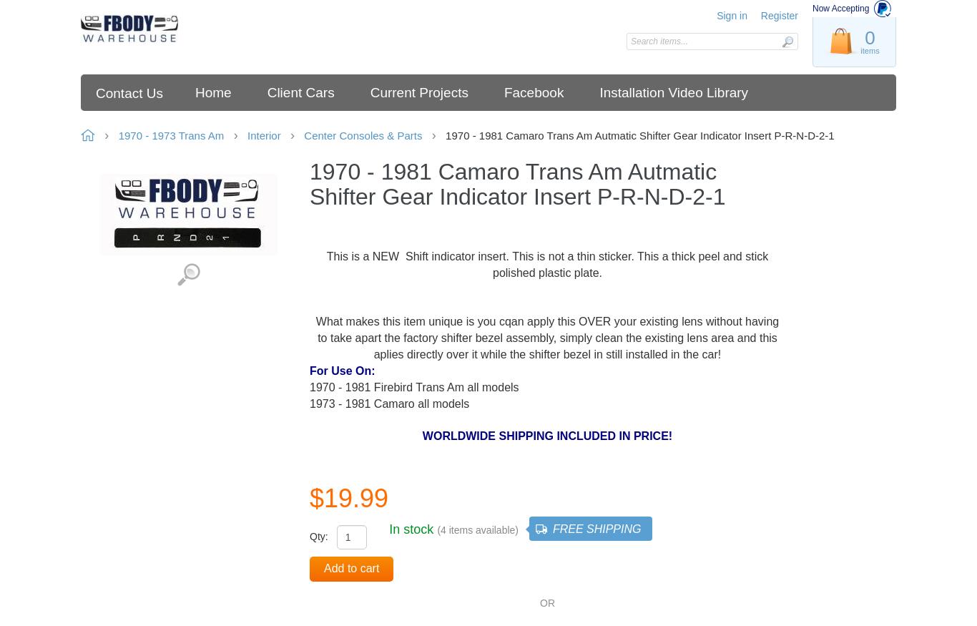 The width and height of the screenshot is (977, 626). What do you see at coordinates (300, 92) in the screenshot?
I see `'Client Cars'` at bounding box center [300, 92].